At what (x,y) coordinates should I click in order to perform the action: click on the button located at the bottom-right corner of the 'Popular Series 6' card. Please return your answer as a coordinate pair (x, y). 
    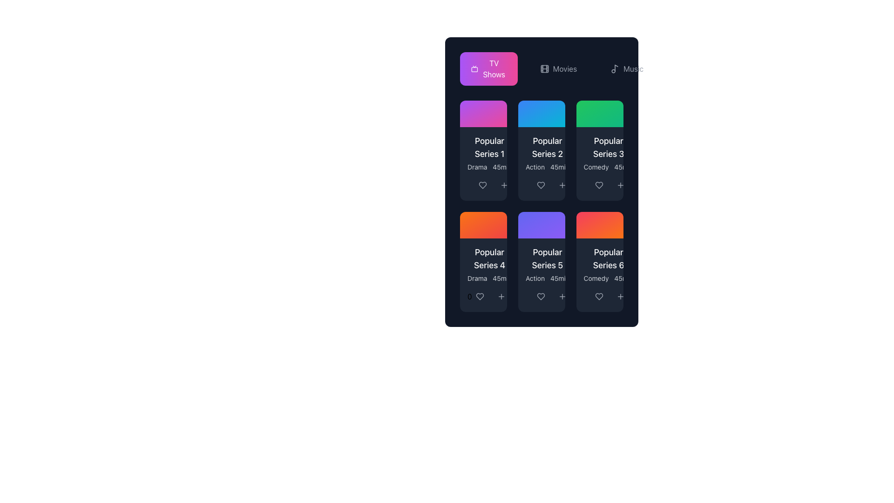
    Looking at the image, I should click on (621, 296).